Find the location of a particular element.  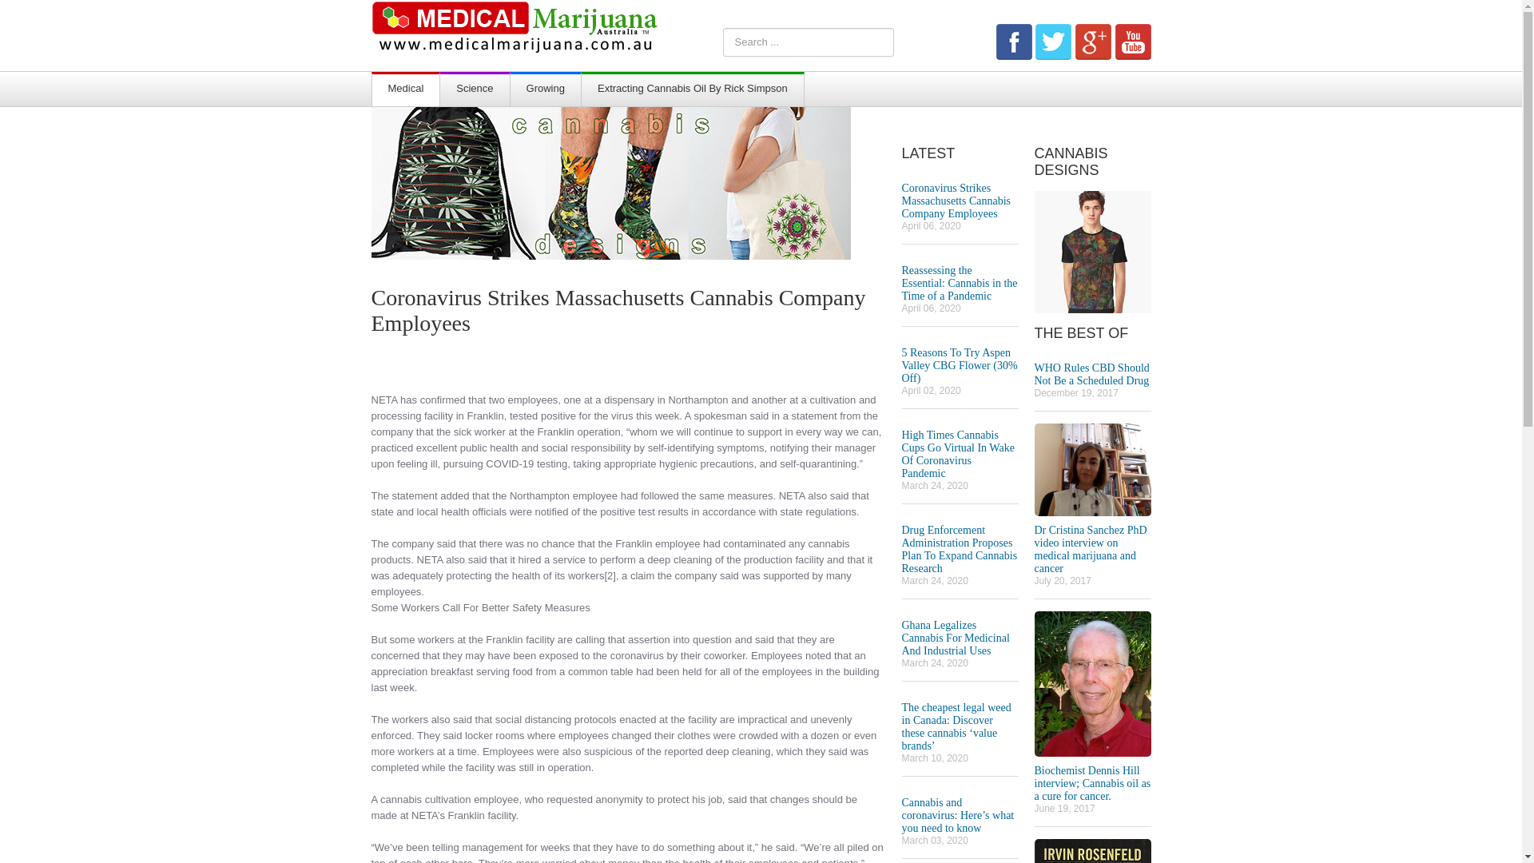

'Medical' is located at coordinates (371, 89).